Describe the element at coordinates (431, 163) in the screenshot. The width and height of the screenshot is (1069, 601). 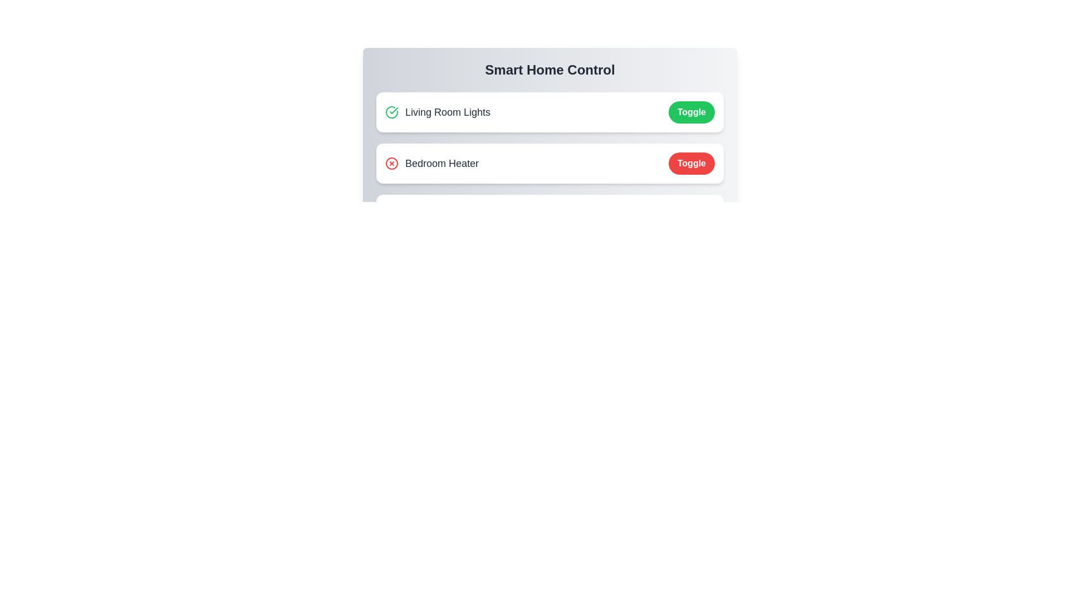
I see `the text label Bedroom Heater` at that location.